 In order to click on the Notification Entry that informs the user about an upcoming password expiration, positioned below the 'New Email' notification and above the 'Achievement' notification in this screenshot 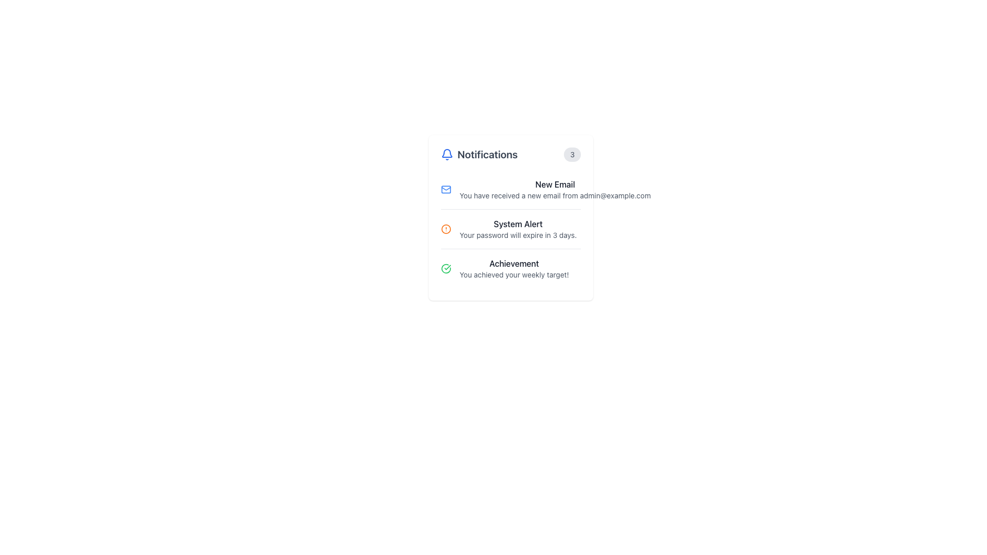, I will do `click(510, 228)`.